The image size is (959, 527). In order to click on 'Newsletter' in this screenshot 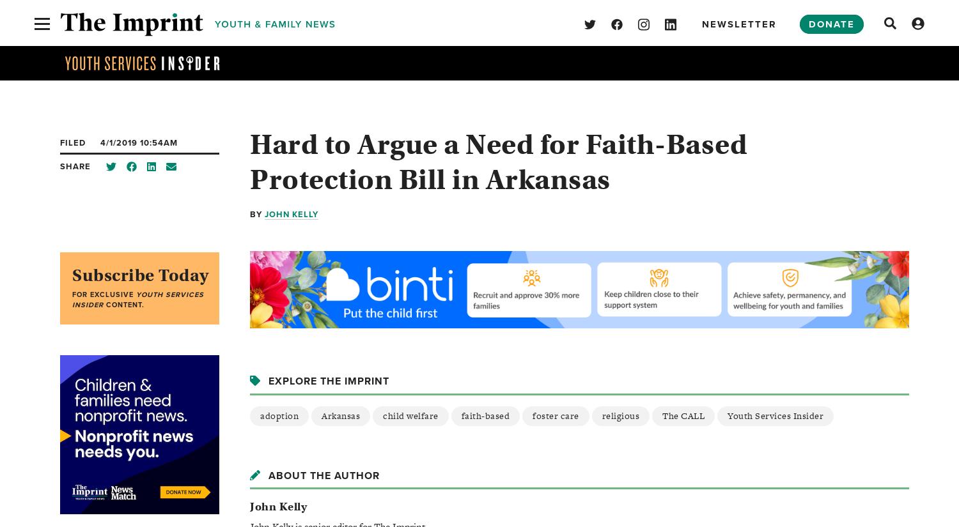, I will do `click(739, 23)`.